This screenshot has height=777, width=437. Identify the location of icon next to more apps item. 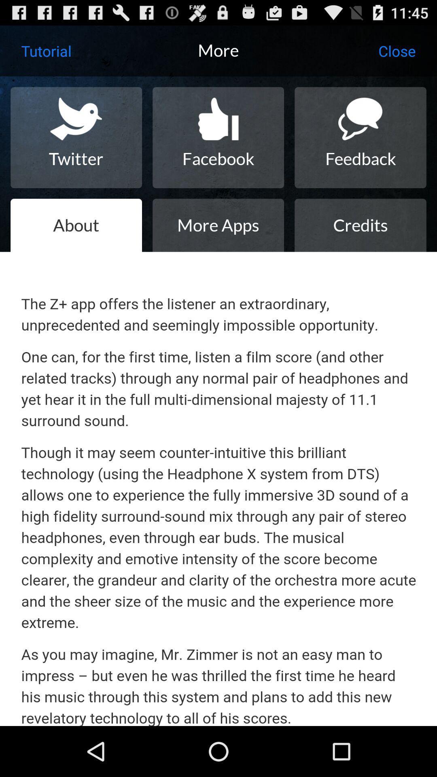
(76, 225).